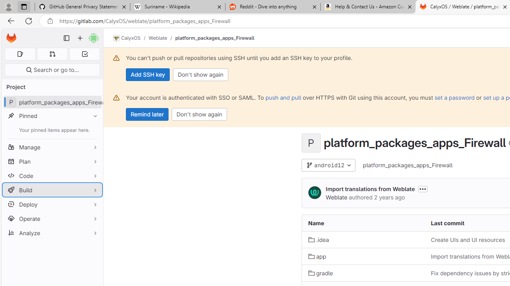 The height and width of the screenshot is (286, 510). Describe the element at coordinates (363, 223) in the screenshot. I see `'Name'` at that location.